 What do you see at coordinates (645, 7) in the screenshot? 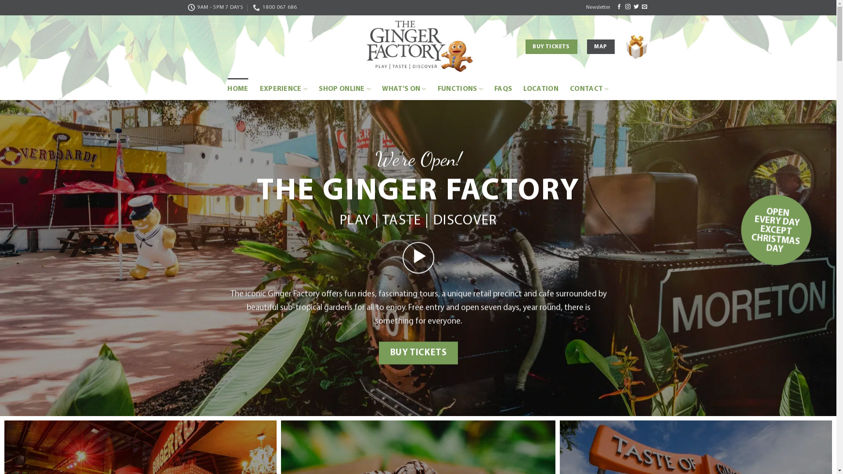
I see `'Send us an email'` at bounding box center [645, 7].